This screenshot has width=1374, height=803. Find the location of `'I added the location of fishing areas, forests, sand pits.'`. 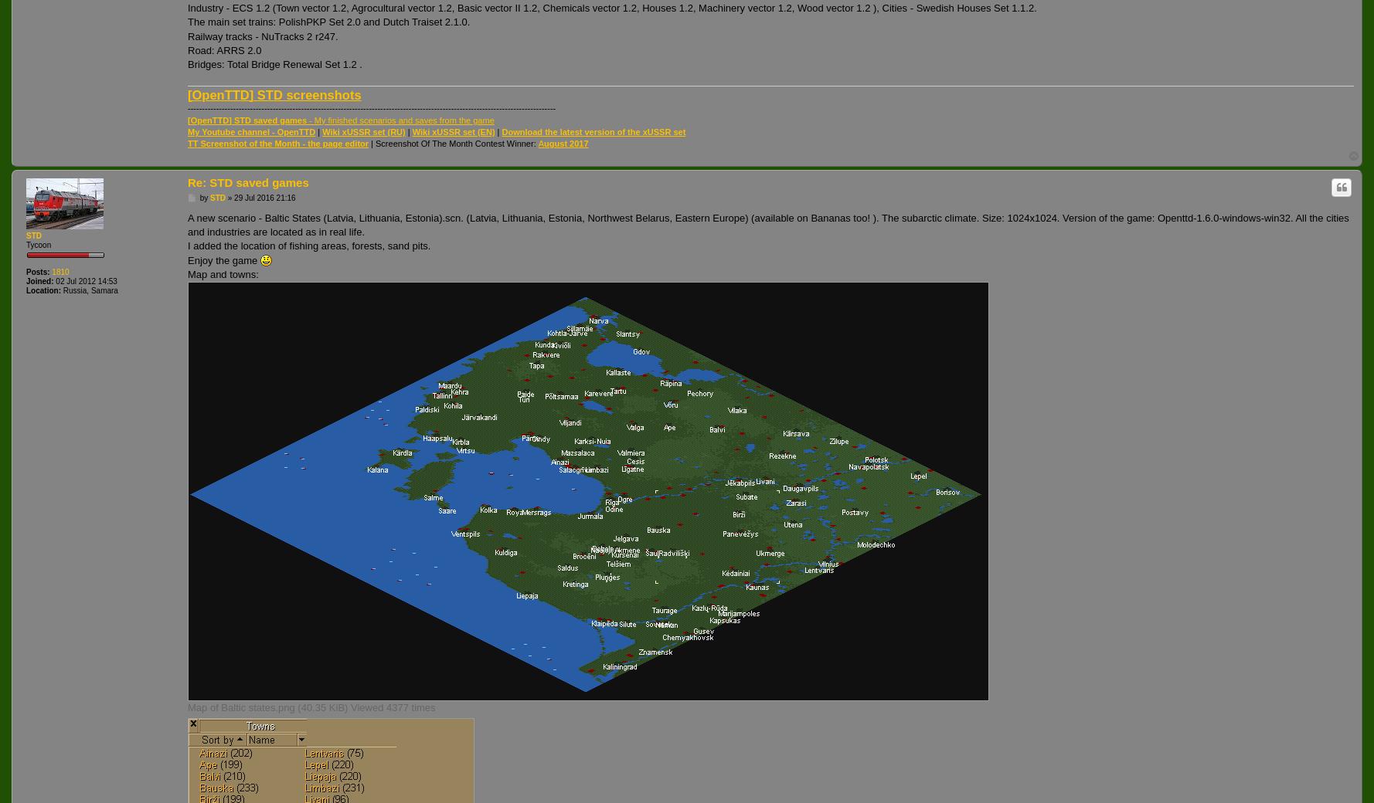

'I added the location of fishing areas, forests, sand pits.' is located at coordinates (309, 245).